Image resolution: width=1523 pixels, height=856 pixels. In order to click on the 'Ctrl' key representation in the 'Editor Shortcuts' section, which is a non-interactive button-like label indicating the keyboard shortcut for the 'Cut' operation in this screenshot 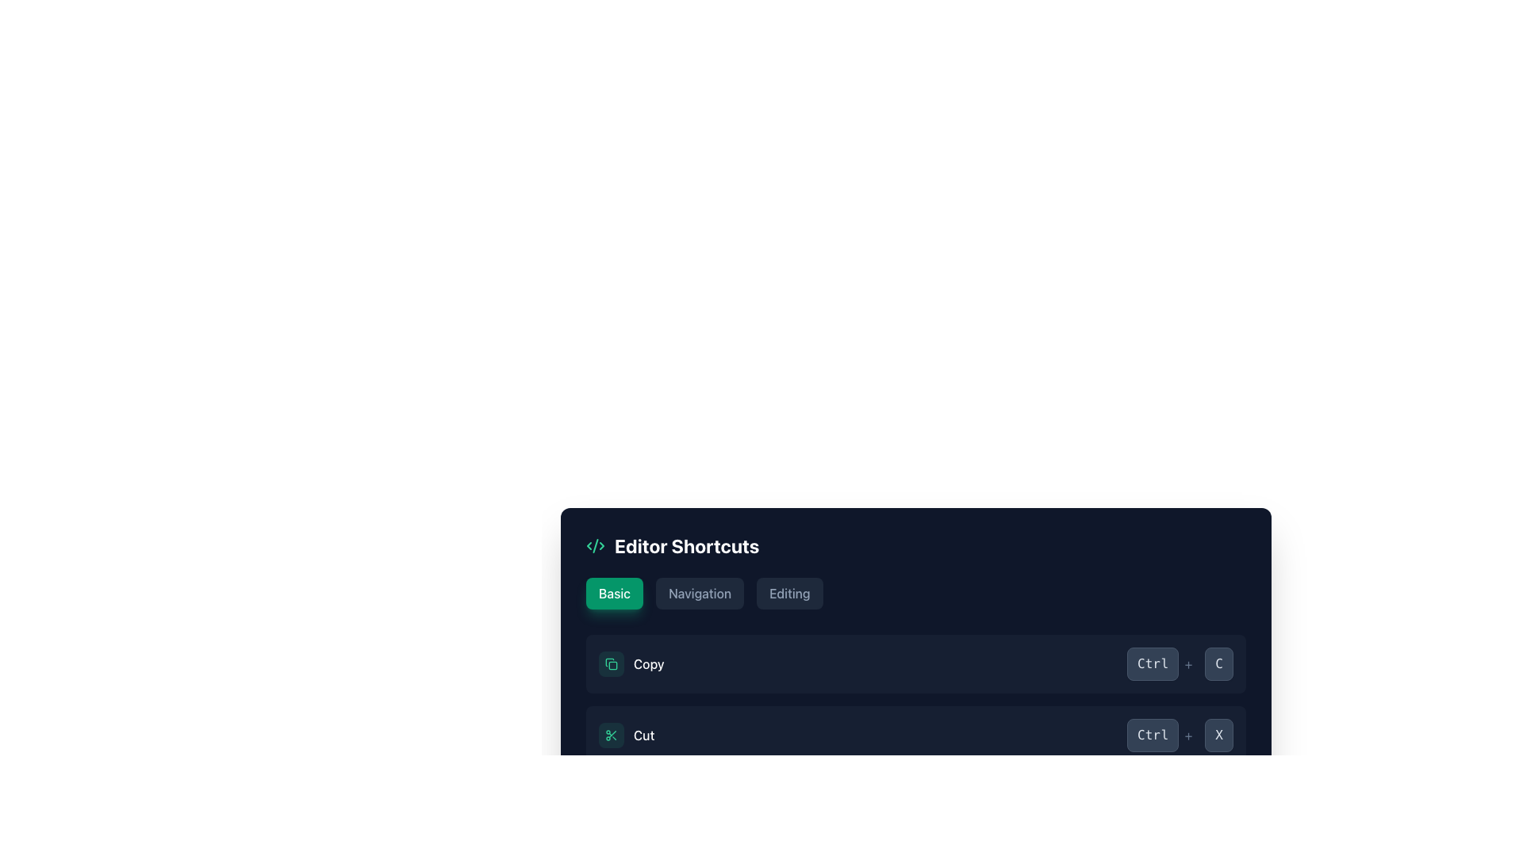, I will do `click(1153, 736)`.